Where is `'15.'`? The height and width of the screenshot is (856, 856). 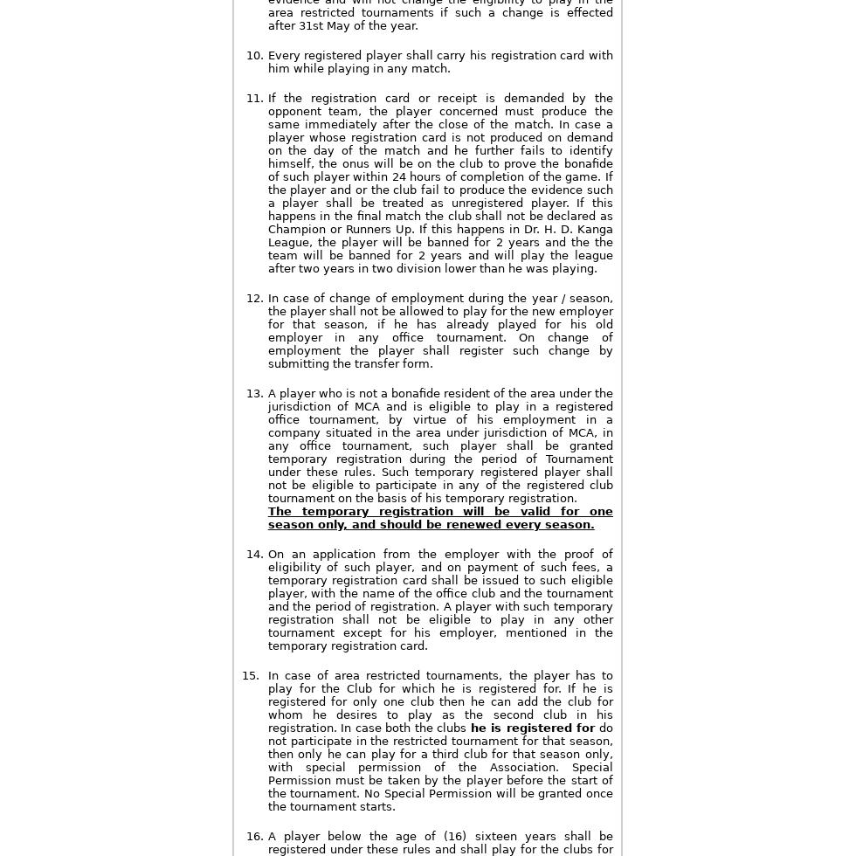 '15.' is located at coordinates (242, 675).